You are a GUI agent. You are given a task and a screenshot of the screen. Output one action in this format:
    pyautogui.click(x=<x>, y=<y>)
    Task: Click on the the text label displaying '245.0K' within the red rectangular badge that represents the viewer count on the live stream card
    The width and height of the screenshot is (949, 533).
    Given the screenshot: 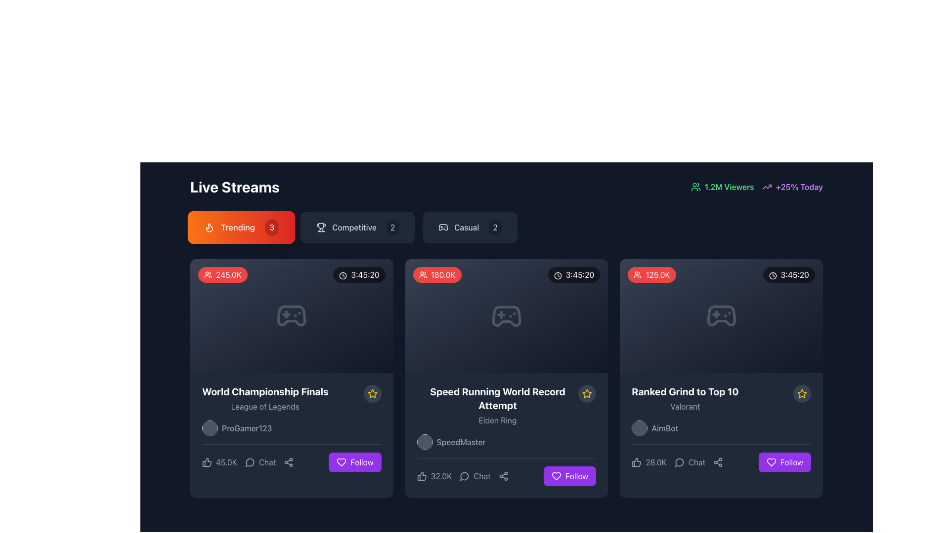 What is the action you would take?
    pyautogui.click(x=228, y=274)
    